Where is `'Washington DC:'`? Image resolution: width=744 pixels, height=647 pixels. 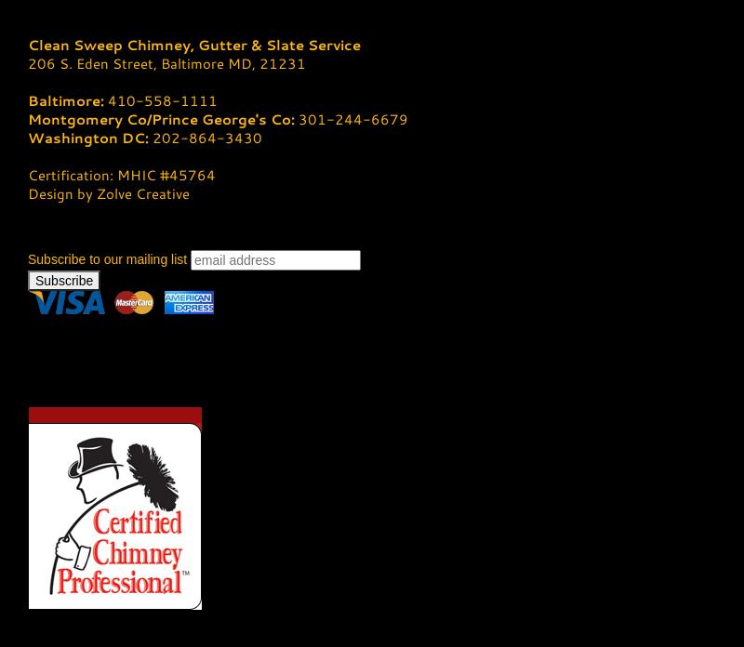
'Washington DC:' is located at coordinates (89, 137).